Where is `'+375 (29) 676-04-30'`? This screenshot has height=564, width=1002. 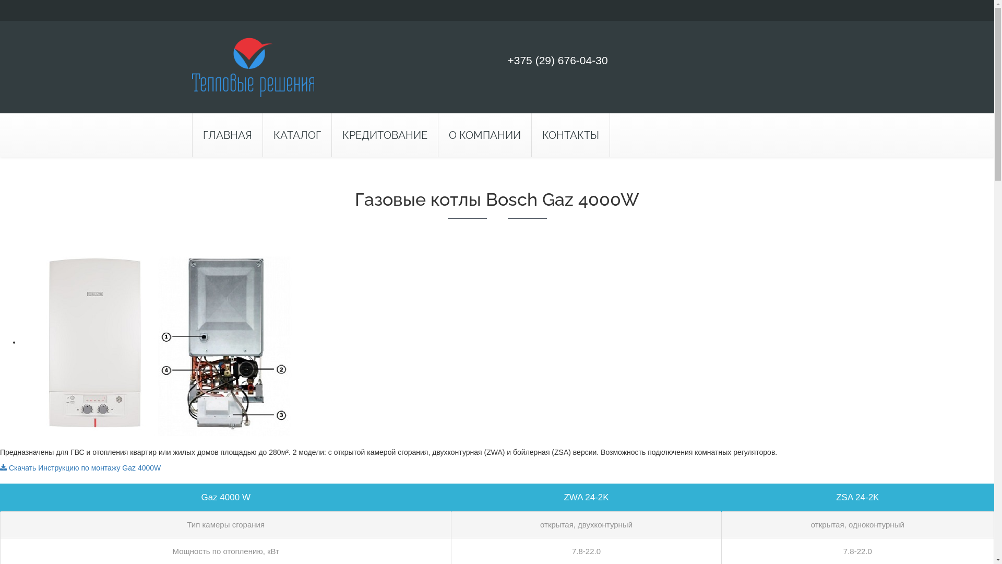
'+375 (29) 676-04-30' is located at coordinates (556, 60).